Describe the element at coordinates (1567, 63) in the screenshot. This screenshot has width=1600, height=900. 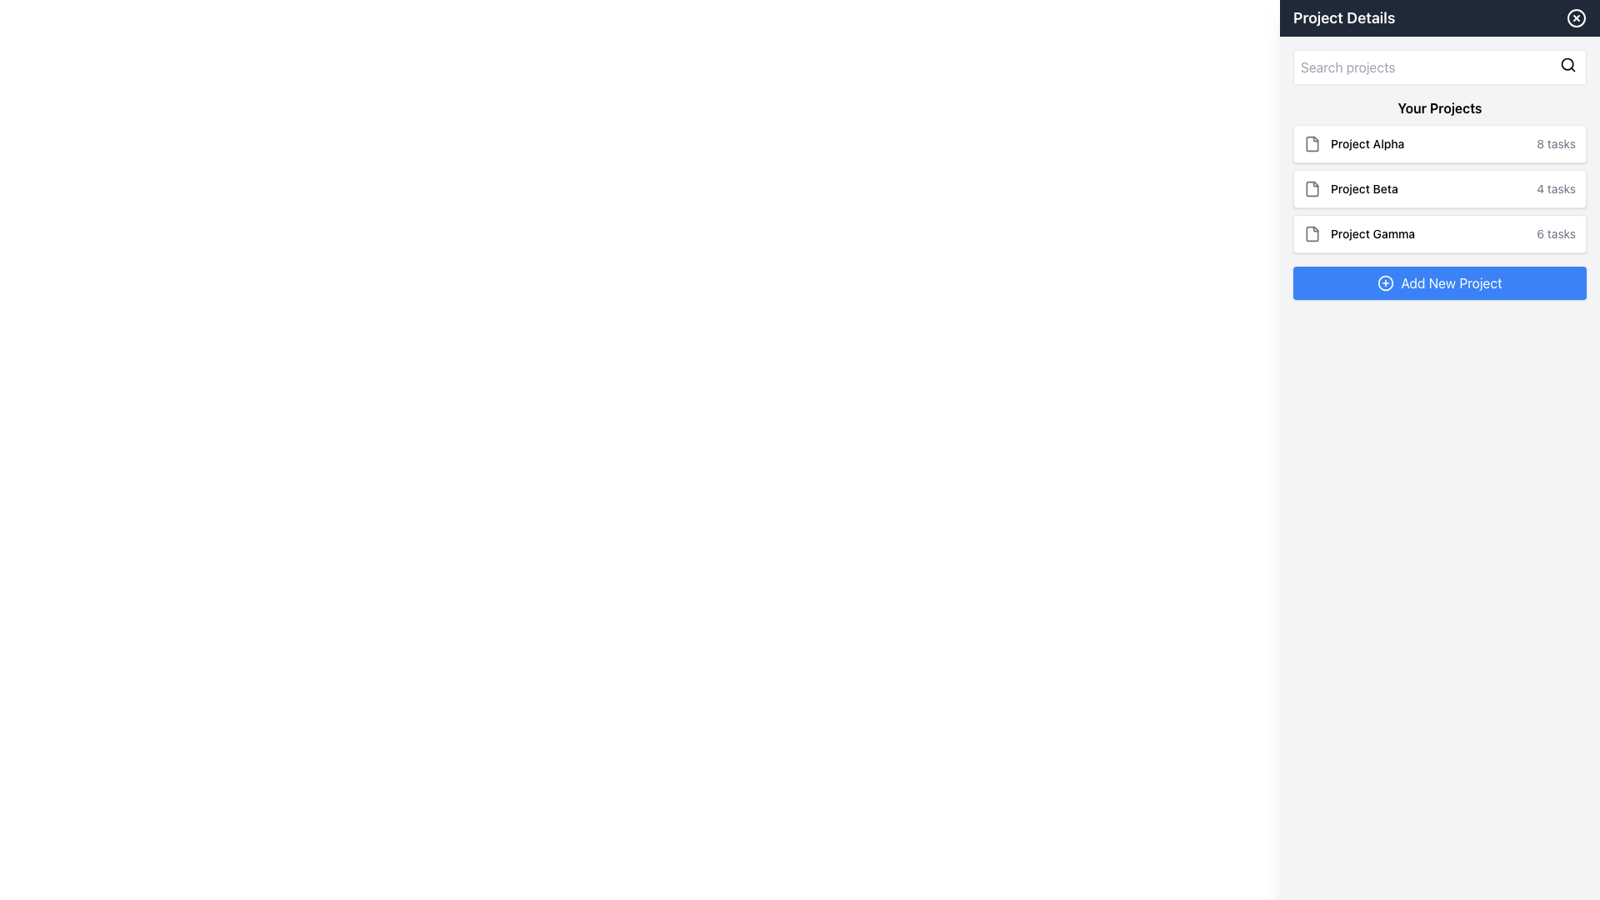
I see `the search icon` at that location.